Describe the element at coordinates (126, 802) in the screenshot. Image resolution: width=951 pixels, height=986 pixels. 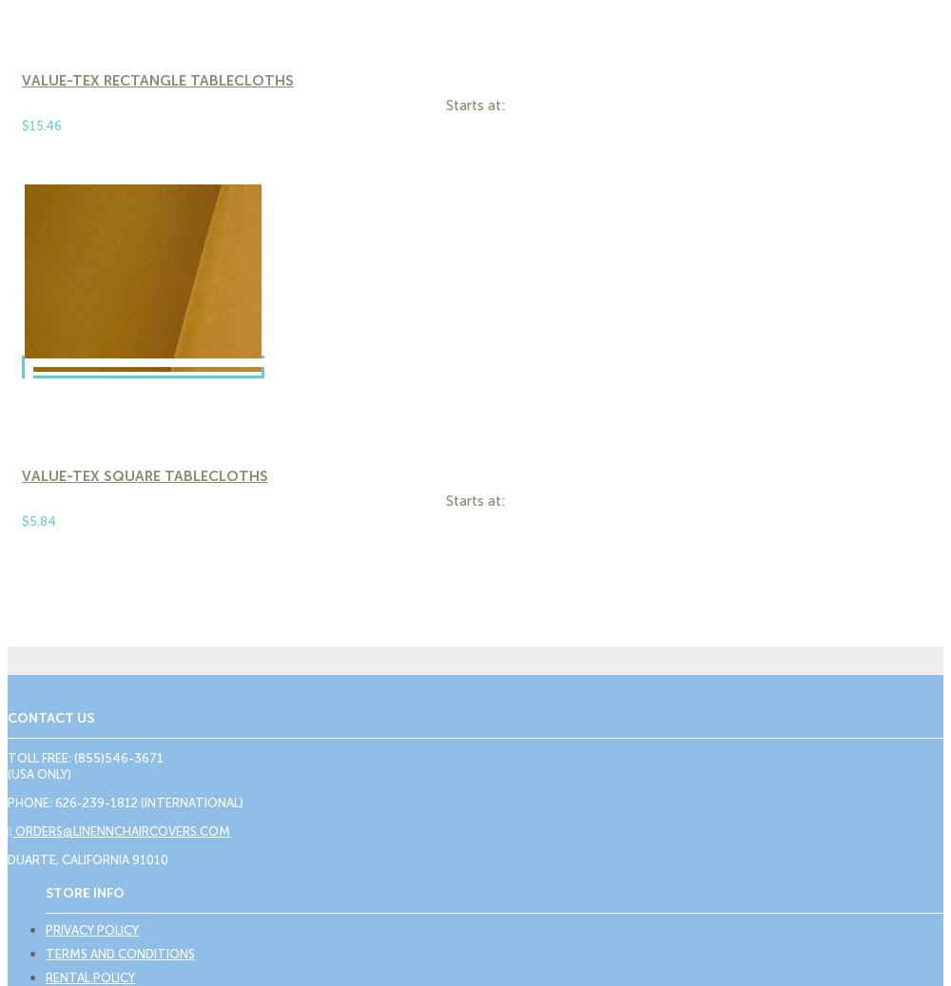
I see `'Phone: 626-239-1812 (International)'` at that location.